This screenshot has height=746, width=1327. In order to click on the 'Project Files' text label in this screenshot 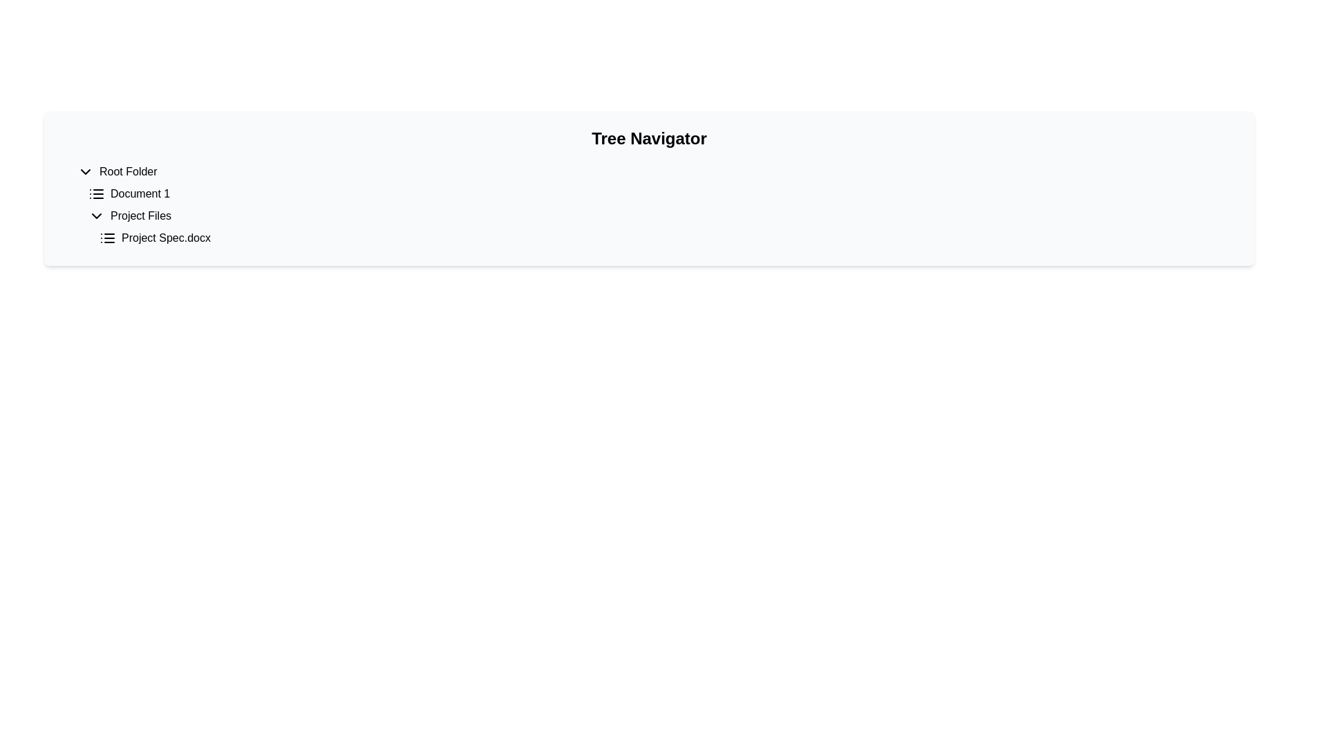, I will do `click(141, 216)`.